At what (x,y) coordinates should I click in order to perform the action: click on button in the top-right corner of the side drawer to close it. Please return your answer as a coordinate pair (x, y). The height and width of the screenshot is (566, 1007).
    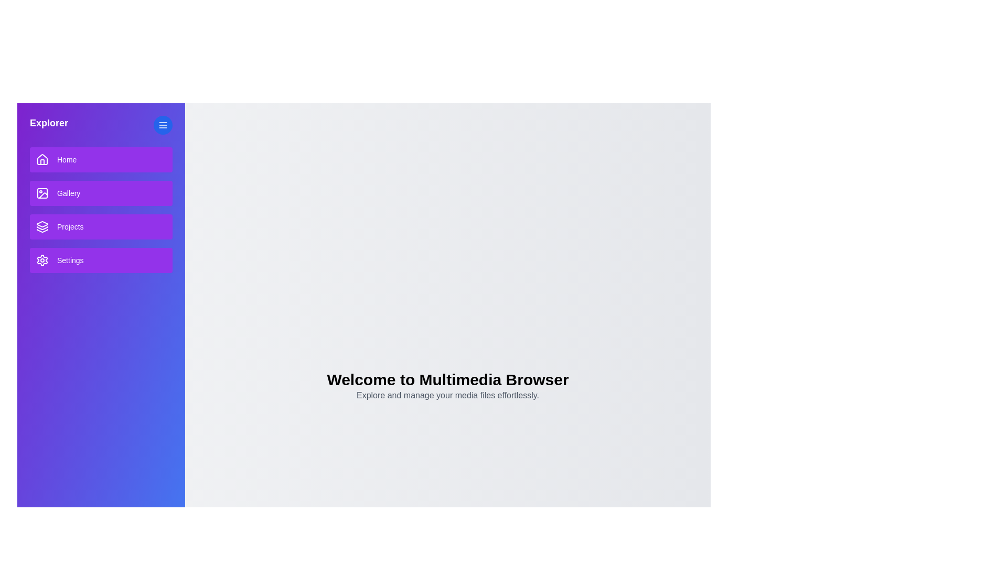
    Looking at the image, I should click on (163, 125).